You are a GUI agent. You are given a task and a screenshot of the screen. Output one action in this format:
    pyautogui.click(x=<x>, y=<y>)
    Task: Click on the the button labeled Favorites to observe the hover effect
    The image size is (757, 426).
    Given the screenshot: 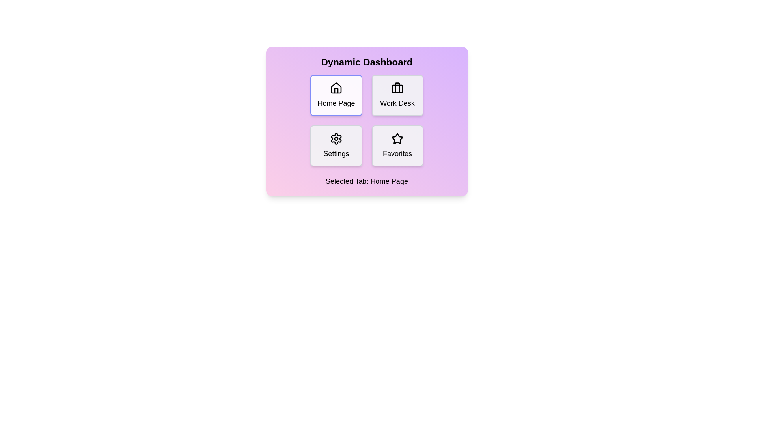 What is the action you would take?
    pyautogui.click(x=397, y=146)
    